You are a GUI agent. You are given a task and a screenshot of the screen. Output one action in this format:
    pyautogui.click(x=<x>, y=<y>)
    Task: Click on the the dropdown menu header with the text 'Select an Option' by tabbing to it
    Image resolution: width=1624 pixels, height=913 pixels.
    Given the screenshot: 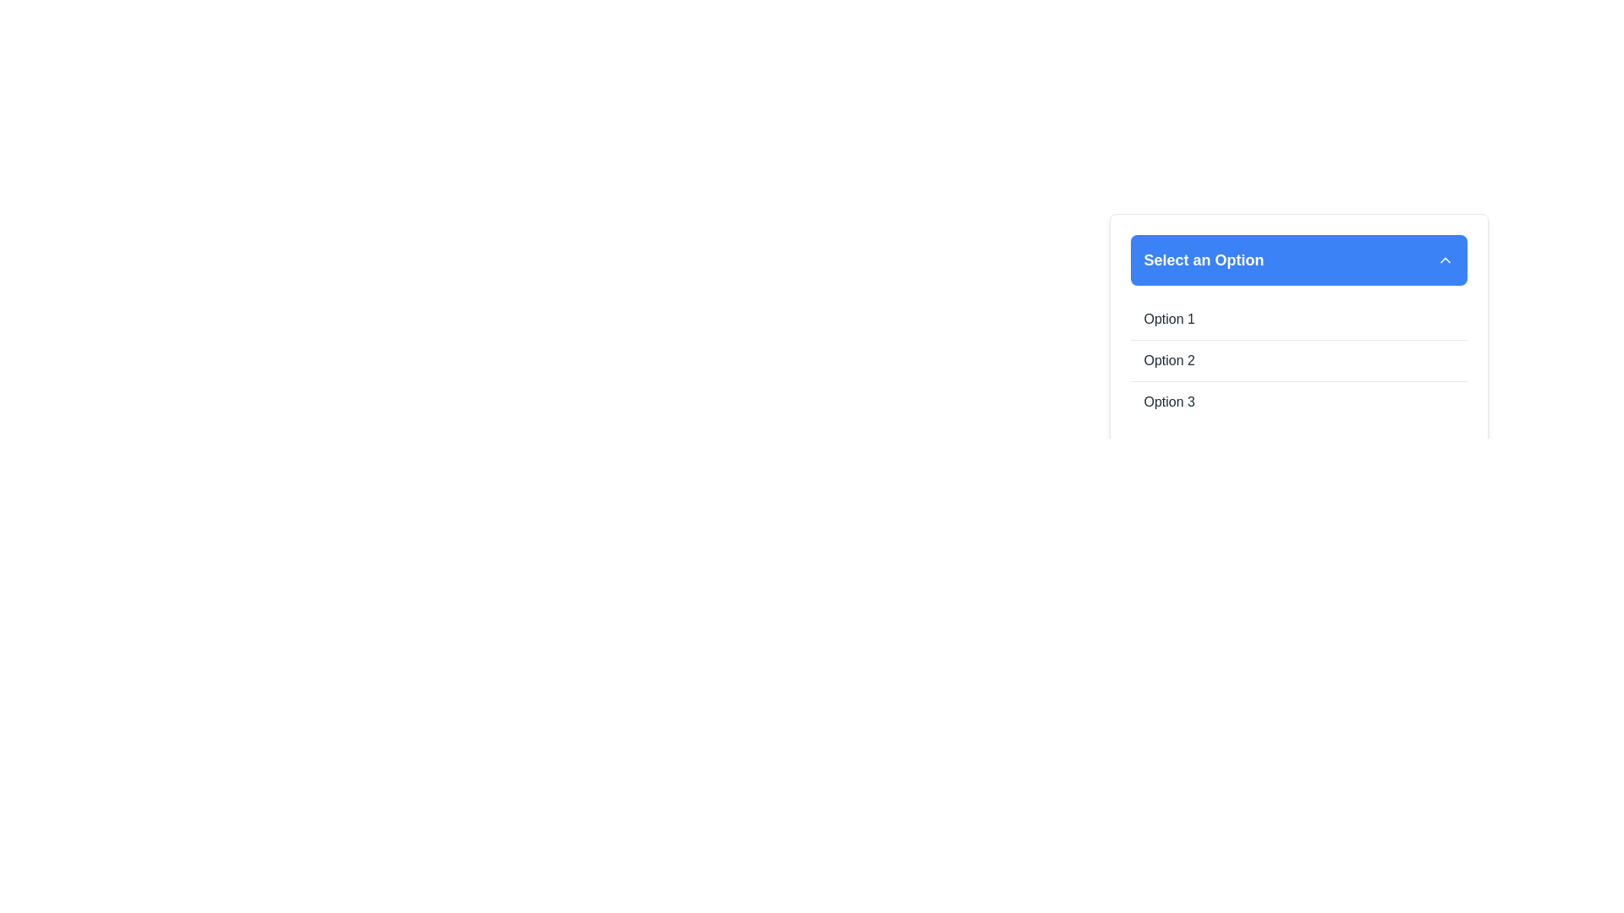 What is the action you would take?
    pyautogui.click(x=1298, y=260)
    